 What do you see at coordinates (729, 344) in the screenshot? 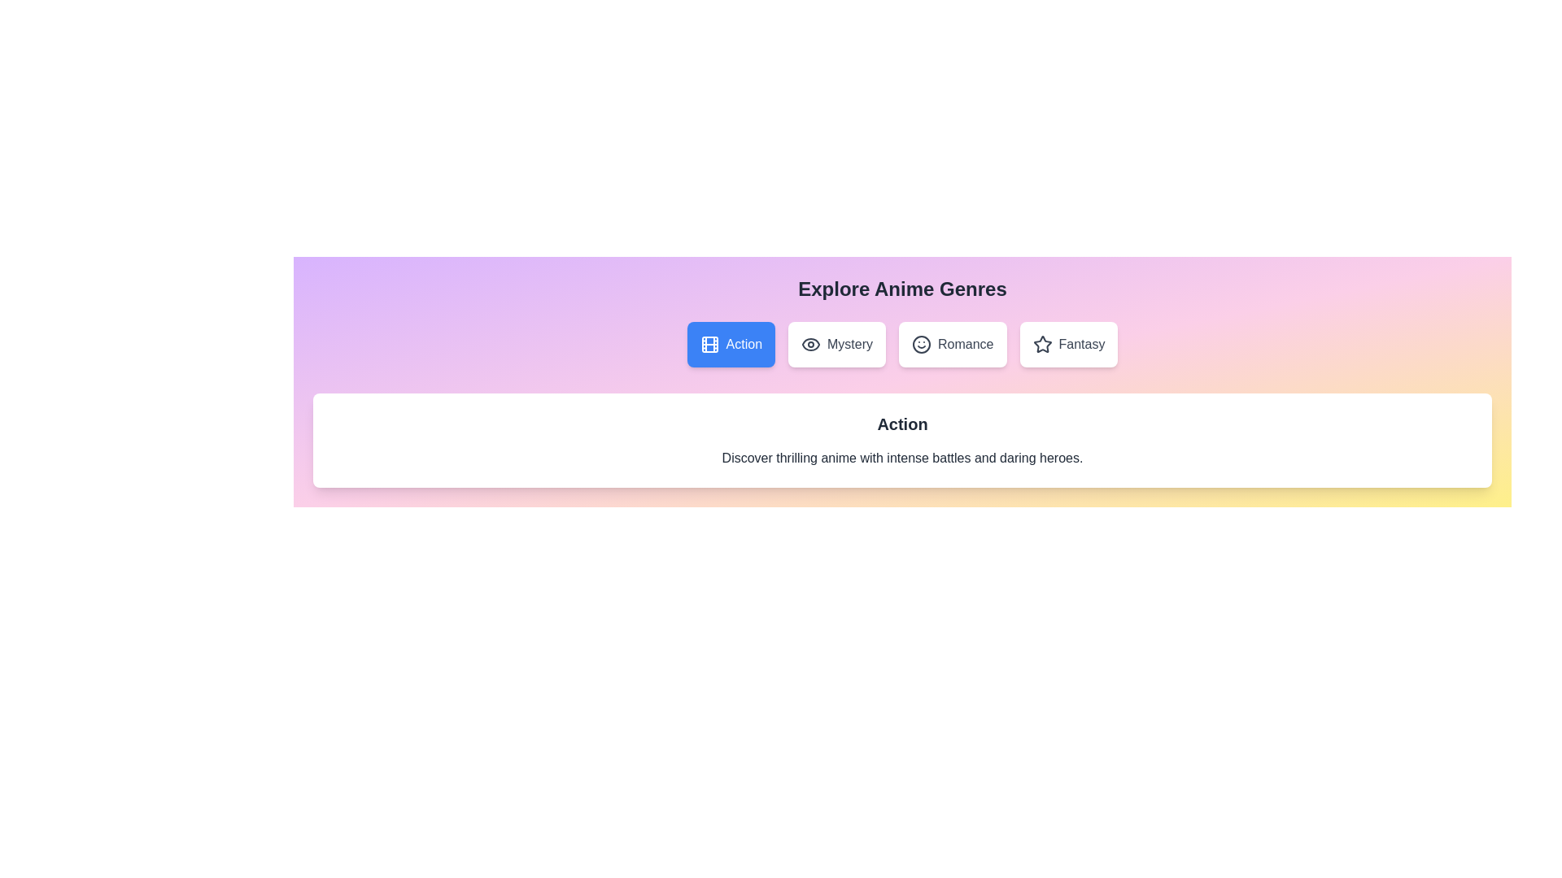
I see `the genre Action by clicking on its corresponding button` at bounding box center [729, 344].